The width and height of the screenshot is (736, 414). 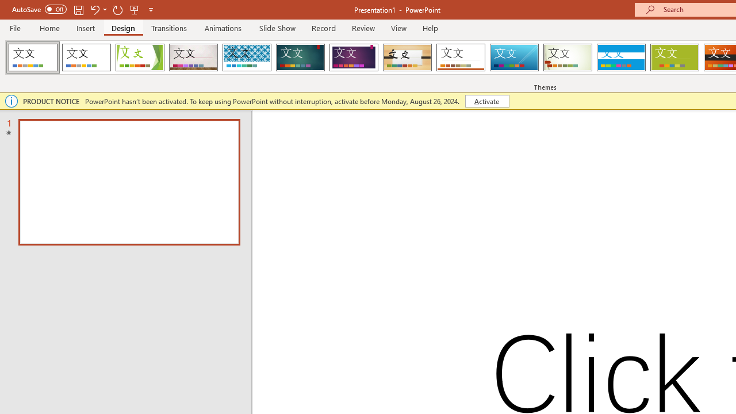 I want to click on 'Slice', so click(x=513, y=57).